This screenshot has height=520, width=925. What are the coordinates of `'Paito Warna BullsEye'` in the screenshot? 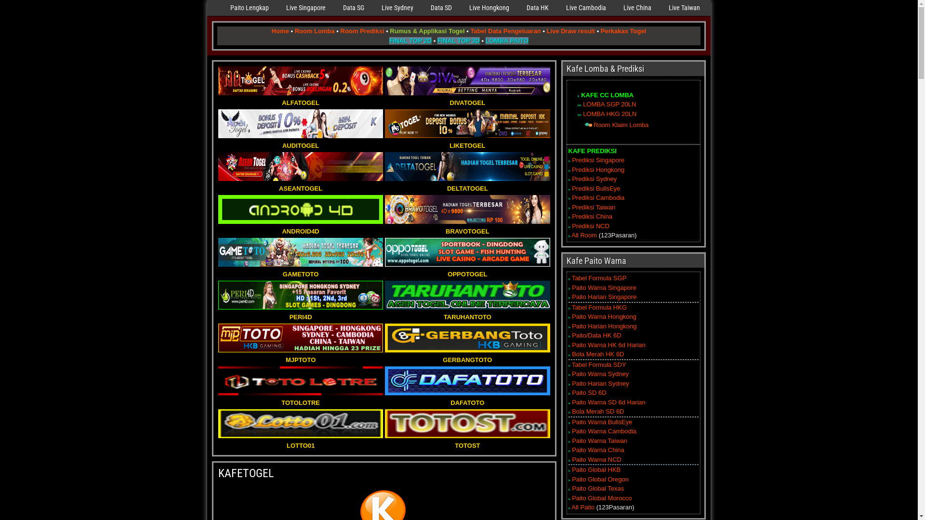 It's located at (601, 421).